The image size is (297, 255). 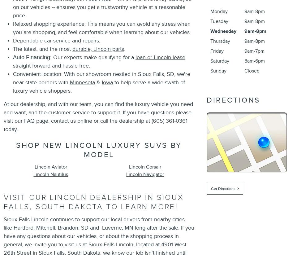 I want to click on 'Saturday', so click(x=220, y=61).